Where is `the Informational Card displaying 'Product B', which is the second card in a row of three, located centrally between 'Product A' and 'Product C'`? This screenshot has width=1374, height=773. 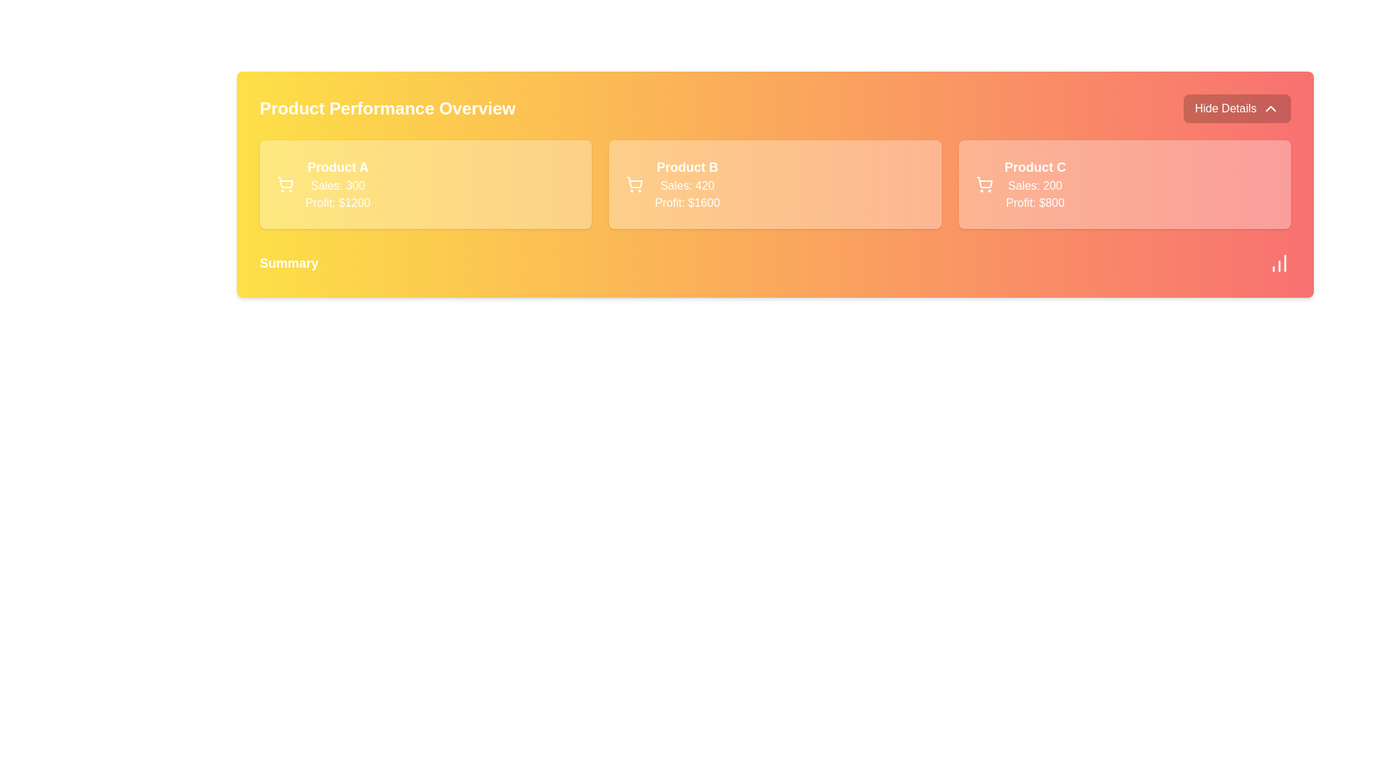
the Informational Card displaying 'Product B', which is the second card in a row of three, located centrally between 'Product A' and 'Product C' is located at coordinates (774, 184).